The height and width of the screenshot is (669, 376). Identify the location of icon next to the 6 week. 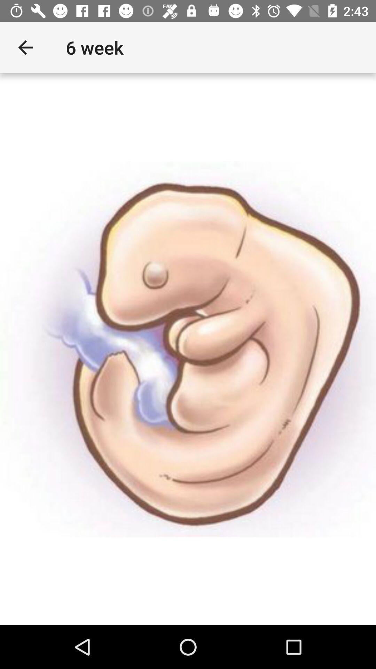
(25, 47).